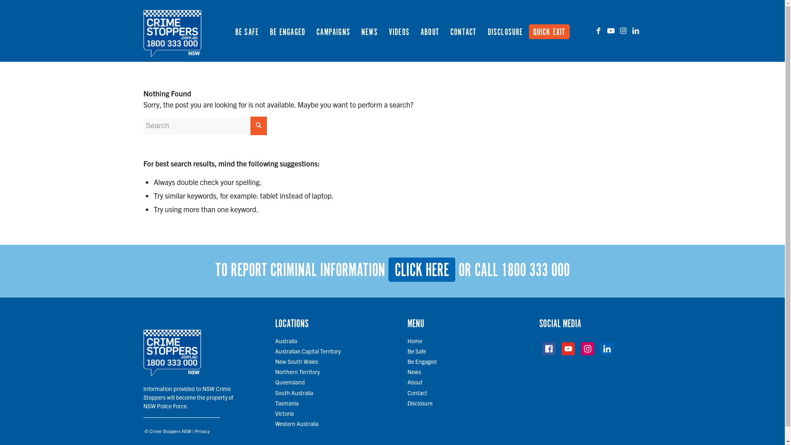 This screenshot has width=791, height=445. Describe the element at coordinates (275, 392) in the screenshot. I see `'South Australia'` at that location.